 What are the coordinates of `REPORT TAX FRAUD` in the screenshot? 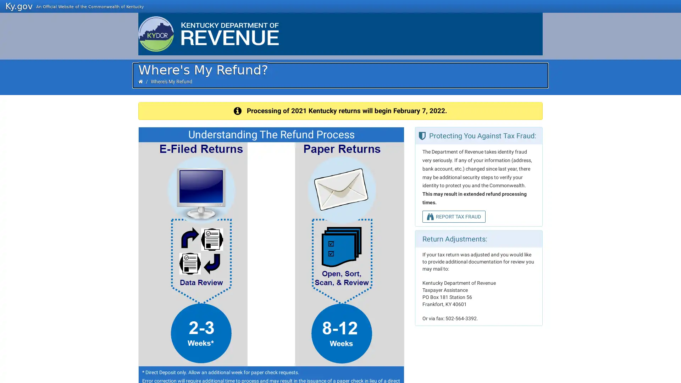 It's located at (454, 211).